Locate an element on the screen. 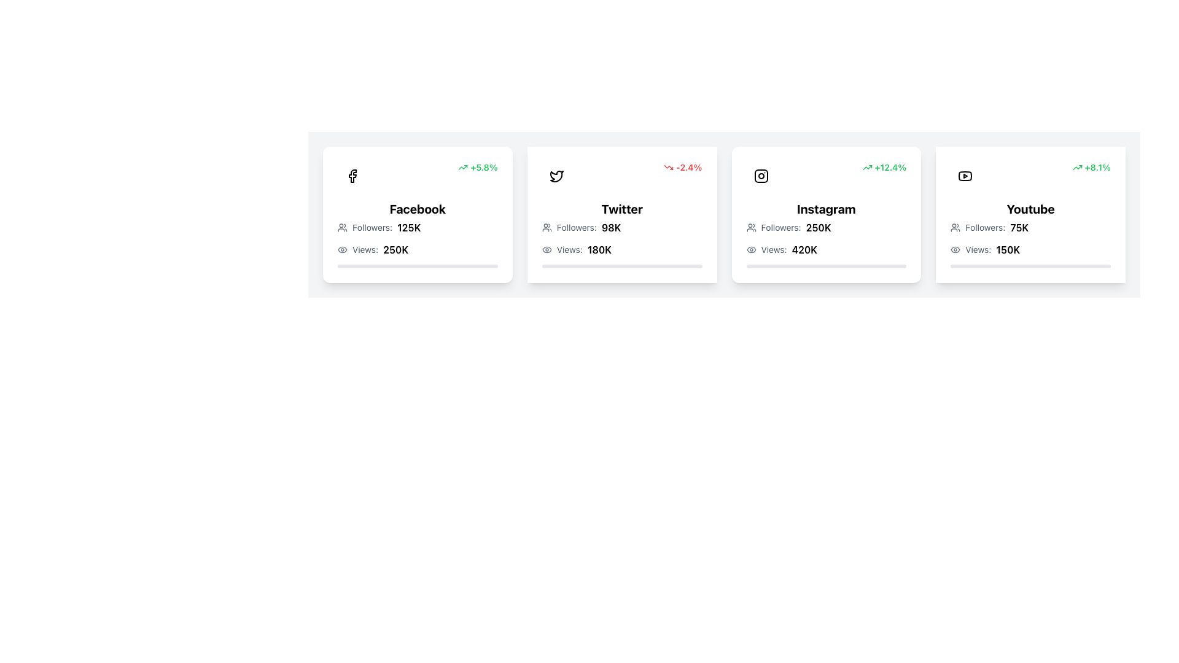 The width and height of the screenshot is (1179, 663). the horizontal progress bar beneath the 'Views' label displaying '420K' in the Instagram card's section is located at coordinates (826, 266).